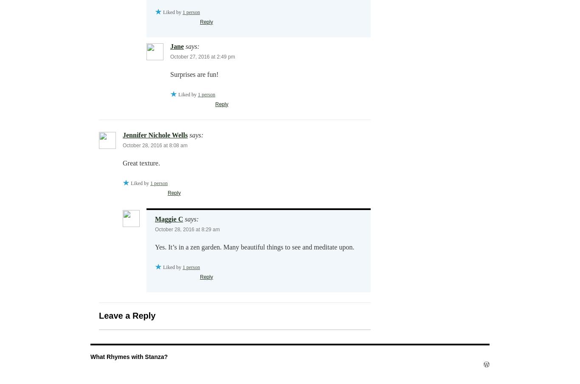 Image resolution: width=580 pixels, height=384 pixels. Describe the element at coordinates (254, 247) in the screenshot. I see `'Yes. It’s in a zen garden. Many beautiful things to see and meditate upon.'` at that location.